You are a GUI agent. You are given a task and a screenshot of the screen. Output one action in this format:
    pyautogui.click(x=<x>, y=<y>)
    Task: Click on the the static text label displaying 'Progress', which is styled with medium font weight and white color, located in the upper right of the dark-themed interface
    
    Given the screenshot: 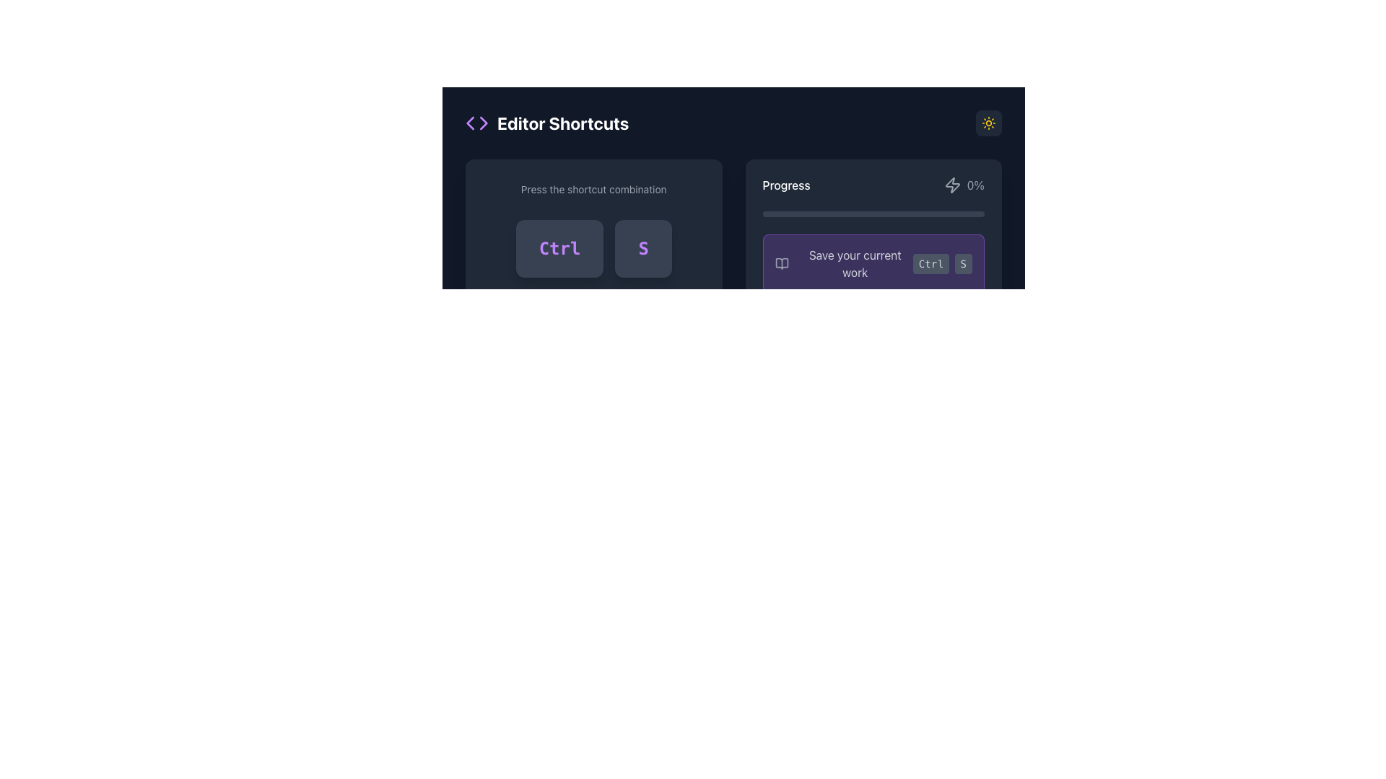 What is the action you would take?
    pyautogui.click(x=785, y=185)
    